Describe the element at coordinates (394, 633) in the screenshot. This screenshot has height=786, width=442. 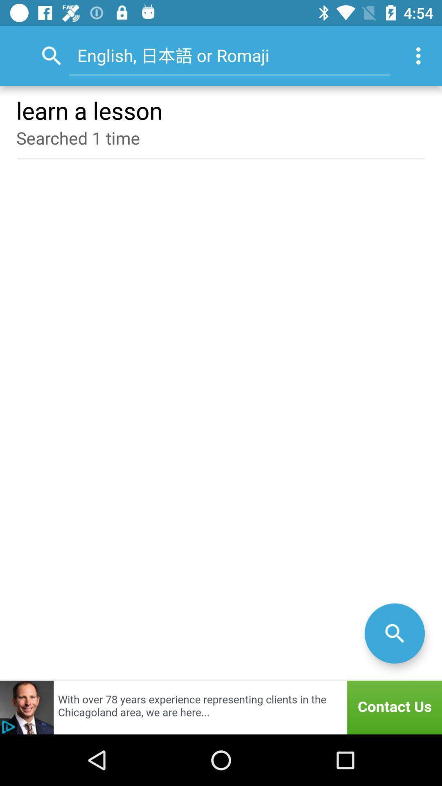
I see `the search icon` at that location.